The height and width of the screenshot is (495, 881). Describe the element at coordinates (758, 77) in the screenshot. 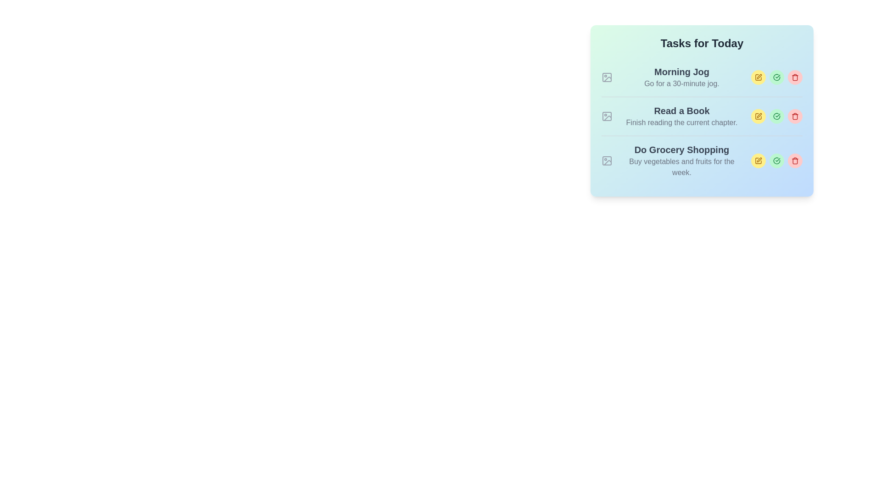

I see `the yellow circular edit button with a pen-like symbol for the 'Morning Jog' task` at that location.